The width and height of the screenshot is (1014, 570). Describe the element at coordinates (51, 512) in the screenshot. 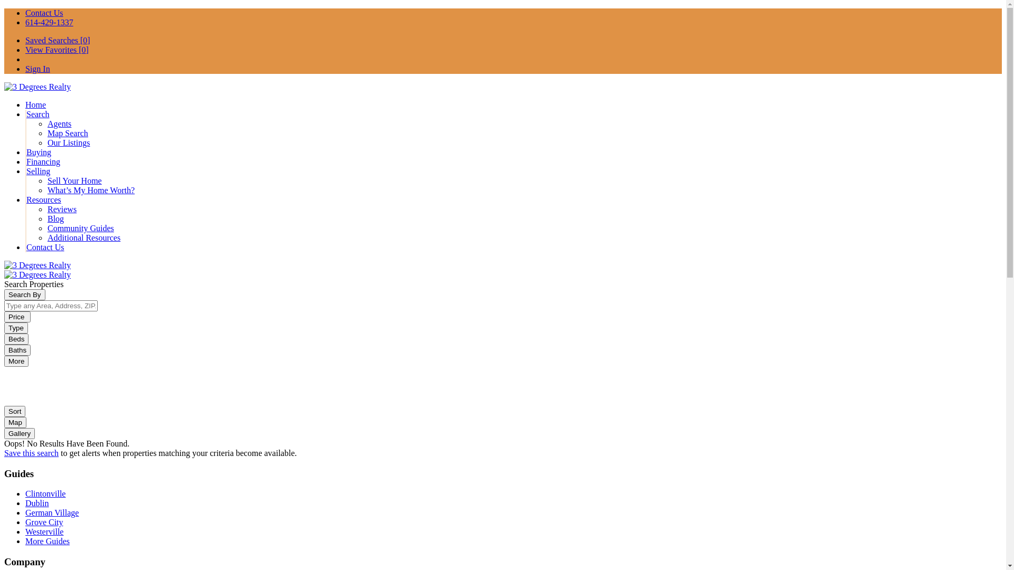

I see `'German Village'` at that location.